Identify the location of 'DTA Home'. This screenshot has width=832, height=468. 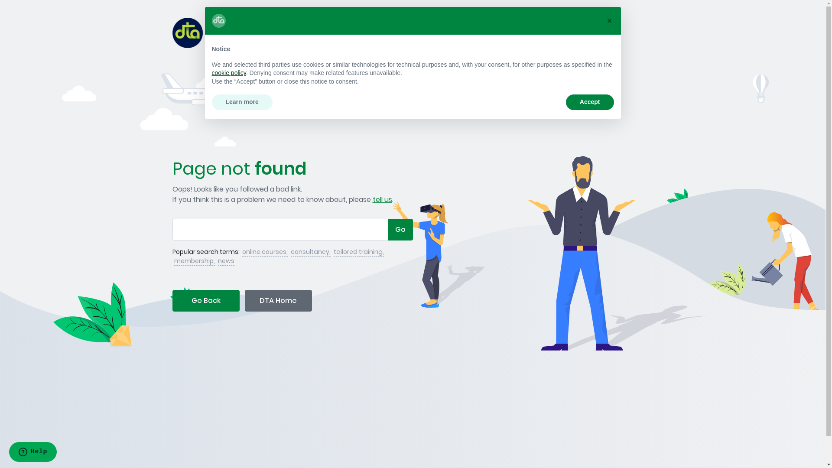
(278, 300).